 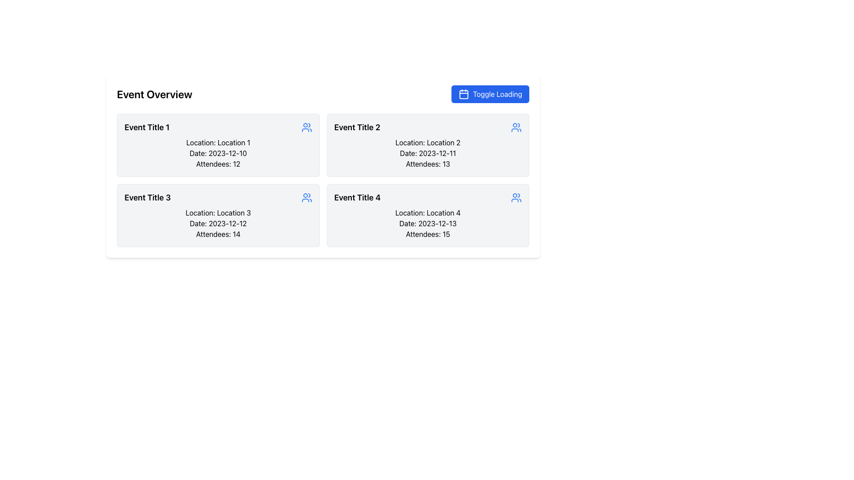 I want to click on text from the text label displaying 'Date: 2023-12-13' located at the third line inside the card labeled 'Event Title 4' in the bottom-right corner of the grid layout, so click(x=428, y=223).